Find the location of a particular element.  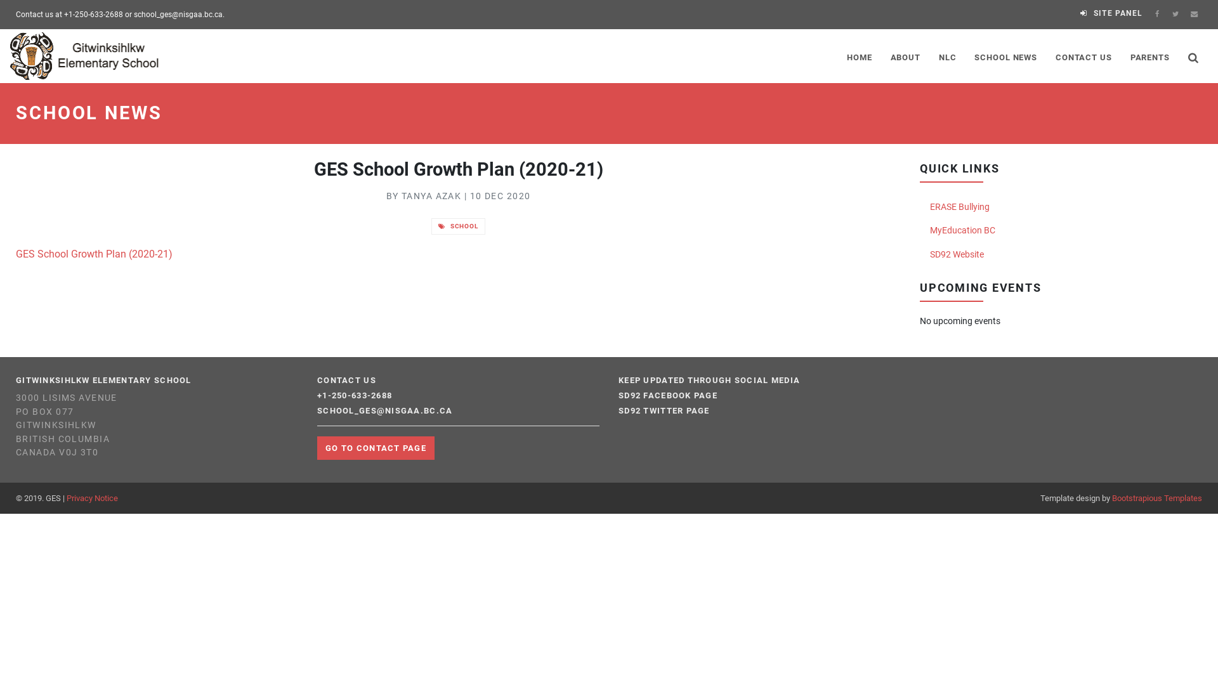

'SD92 TWITTER PAGE' is located at coordinates (663, 411).